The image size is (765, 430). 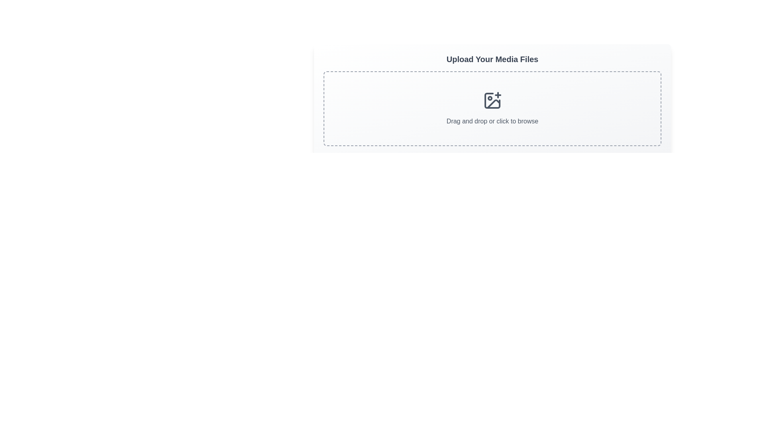 What do you see at coordinates (492, 100) in the screenshot?
I see `the graphical icon resembling a media upload symbol with a plus sign, located in the center-right of the upload media section to trigger a tooltip or highlight effect` at bounding box center [492, 100].